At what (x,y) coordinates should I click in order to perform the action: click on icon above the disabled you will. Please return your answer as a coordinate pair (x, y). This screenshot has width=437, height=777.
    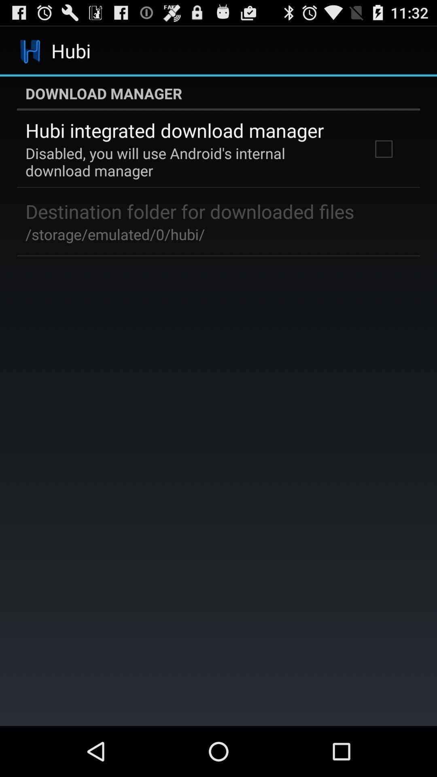
    Looking at the image, I should click on (174, 130).